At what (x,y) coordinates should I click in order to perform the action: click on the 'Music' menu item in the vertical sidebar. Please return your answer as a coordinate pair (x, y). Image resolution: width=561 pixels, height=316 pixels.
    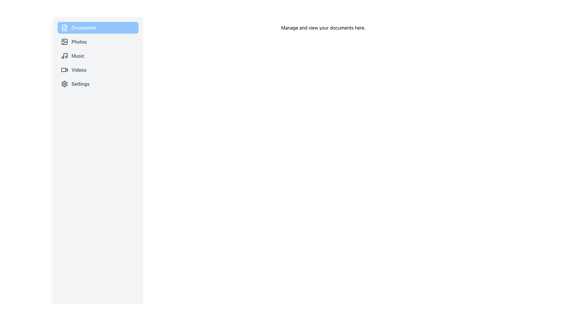
    Looking at the image, I should click on (98, 56).